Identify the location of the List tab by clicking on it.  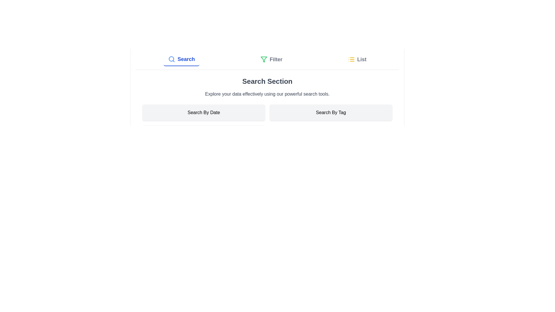
(356, 59).